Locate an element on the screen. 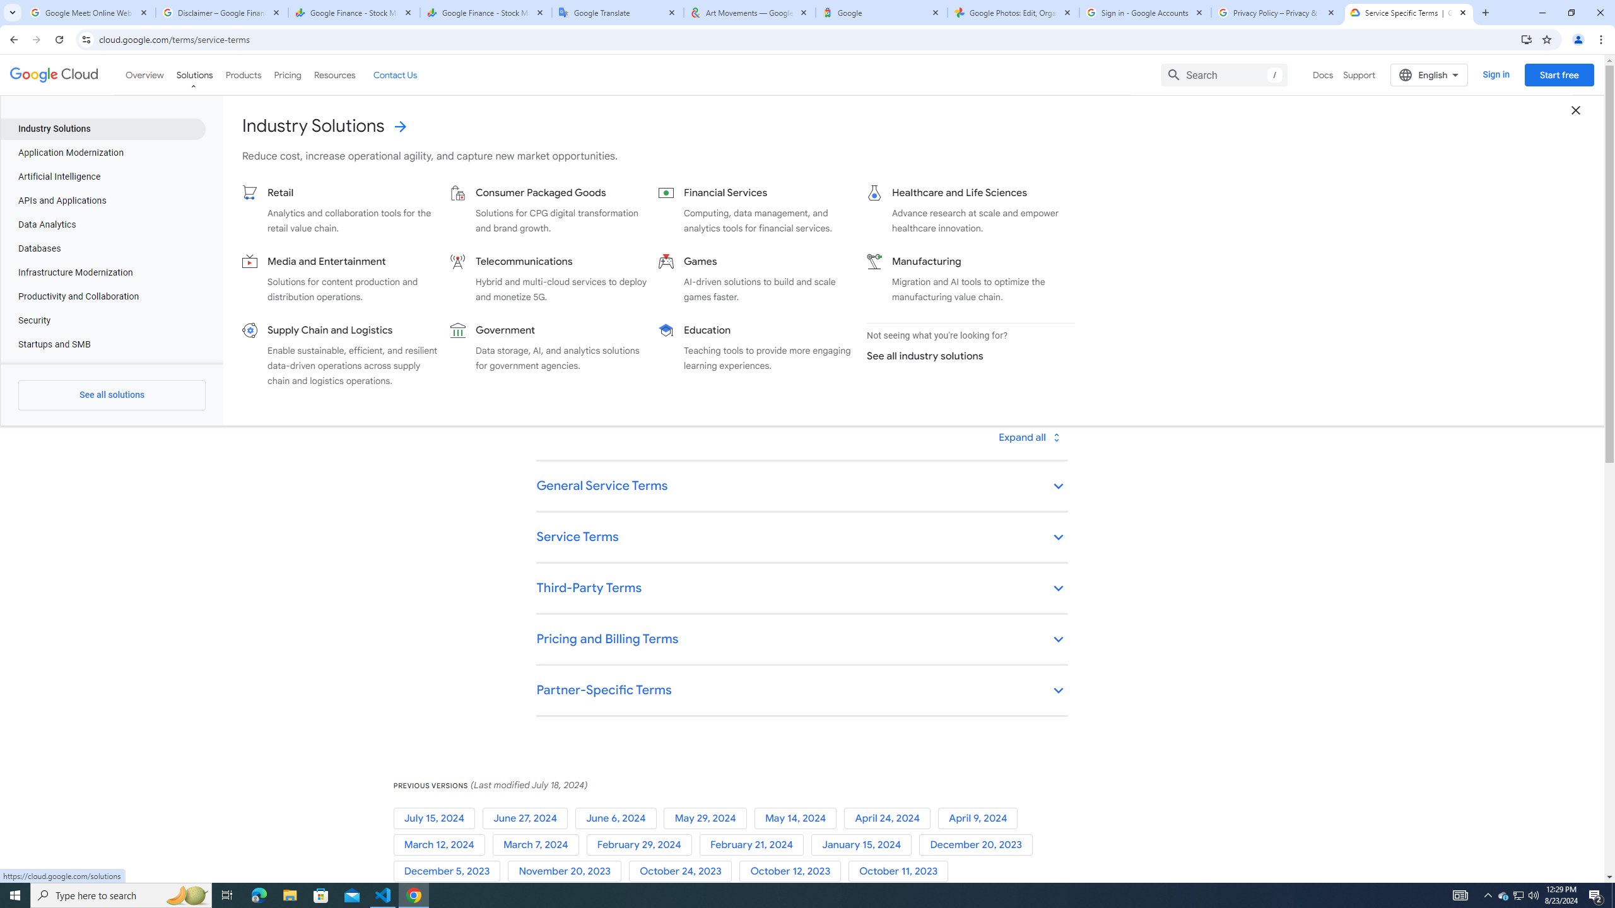  'General Service Terms keyboard_arrow_down' is located at coordinates (802, 486).